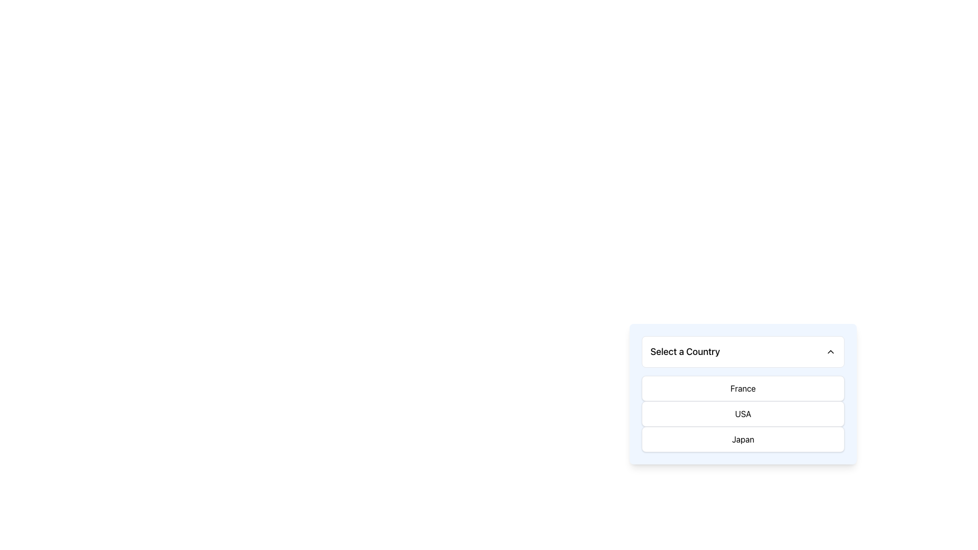 The width and height of the screenshot is (978, 550). What do you see at coordinates (743, 414) in the screenshot?
I see `the text label 'USA' in the dropdown menu` at bounding box center [743, 414].